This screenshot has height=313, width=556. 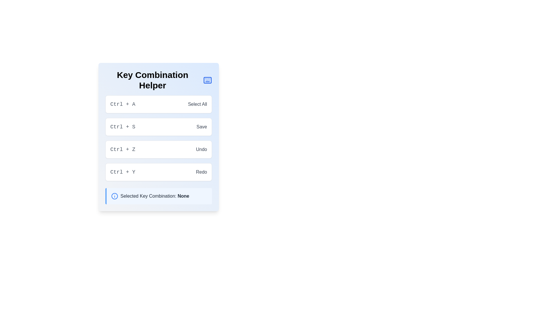 What do you see at coordinates (207, 80) in the screenshot?
I see `the keyboard icon located in the top-right corner of the 'Key Combination Helper' section, which serves as a visual representation for keyboard settings` at bounding box center [207, 80].